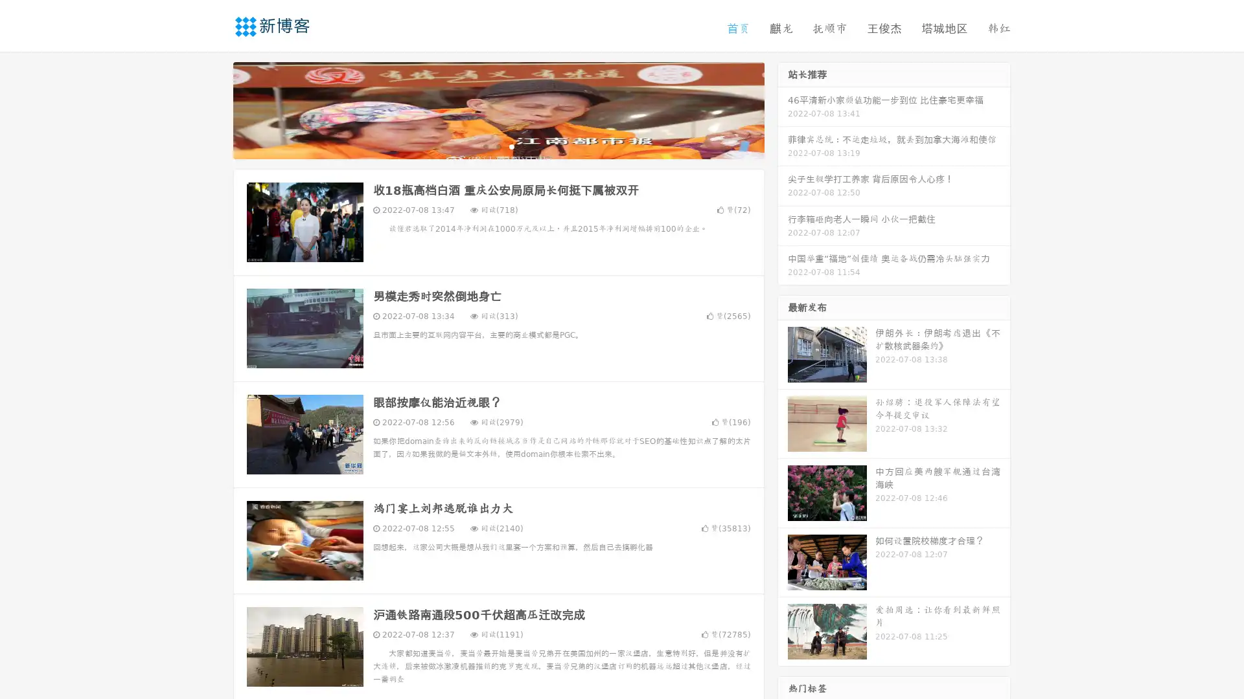 This screenshot has height=699, width=1244. Describe the element at coordinates (485, 146) in the screenshot. I see `Go to slide 1` at that location.